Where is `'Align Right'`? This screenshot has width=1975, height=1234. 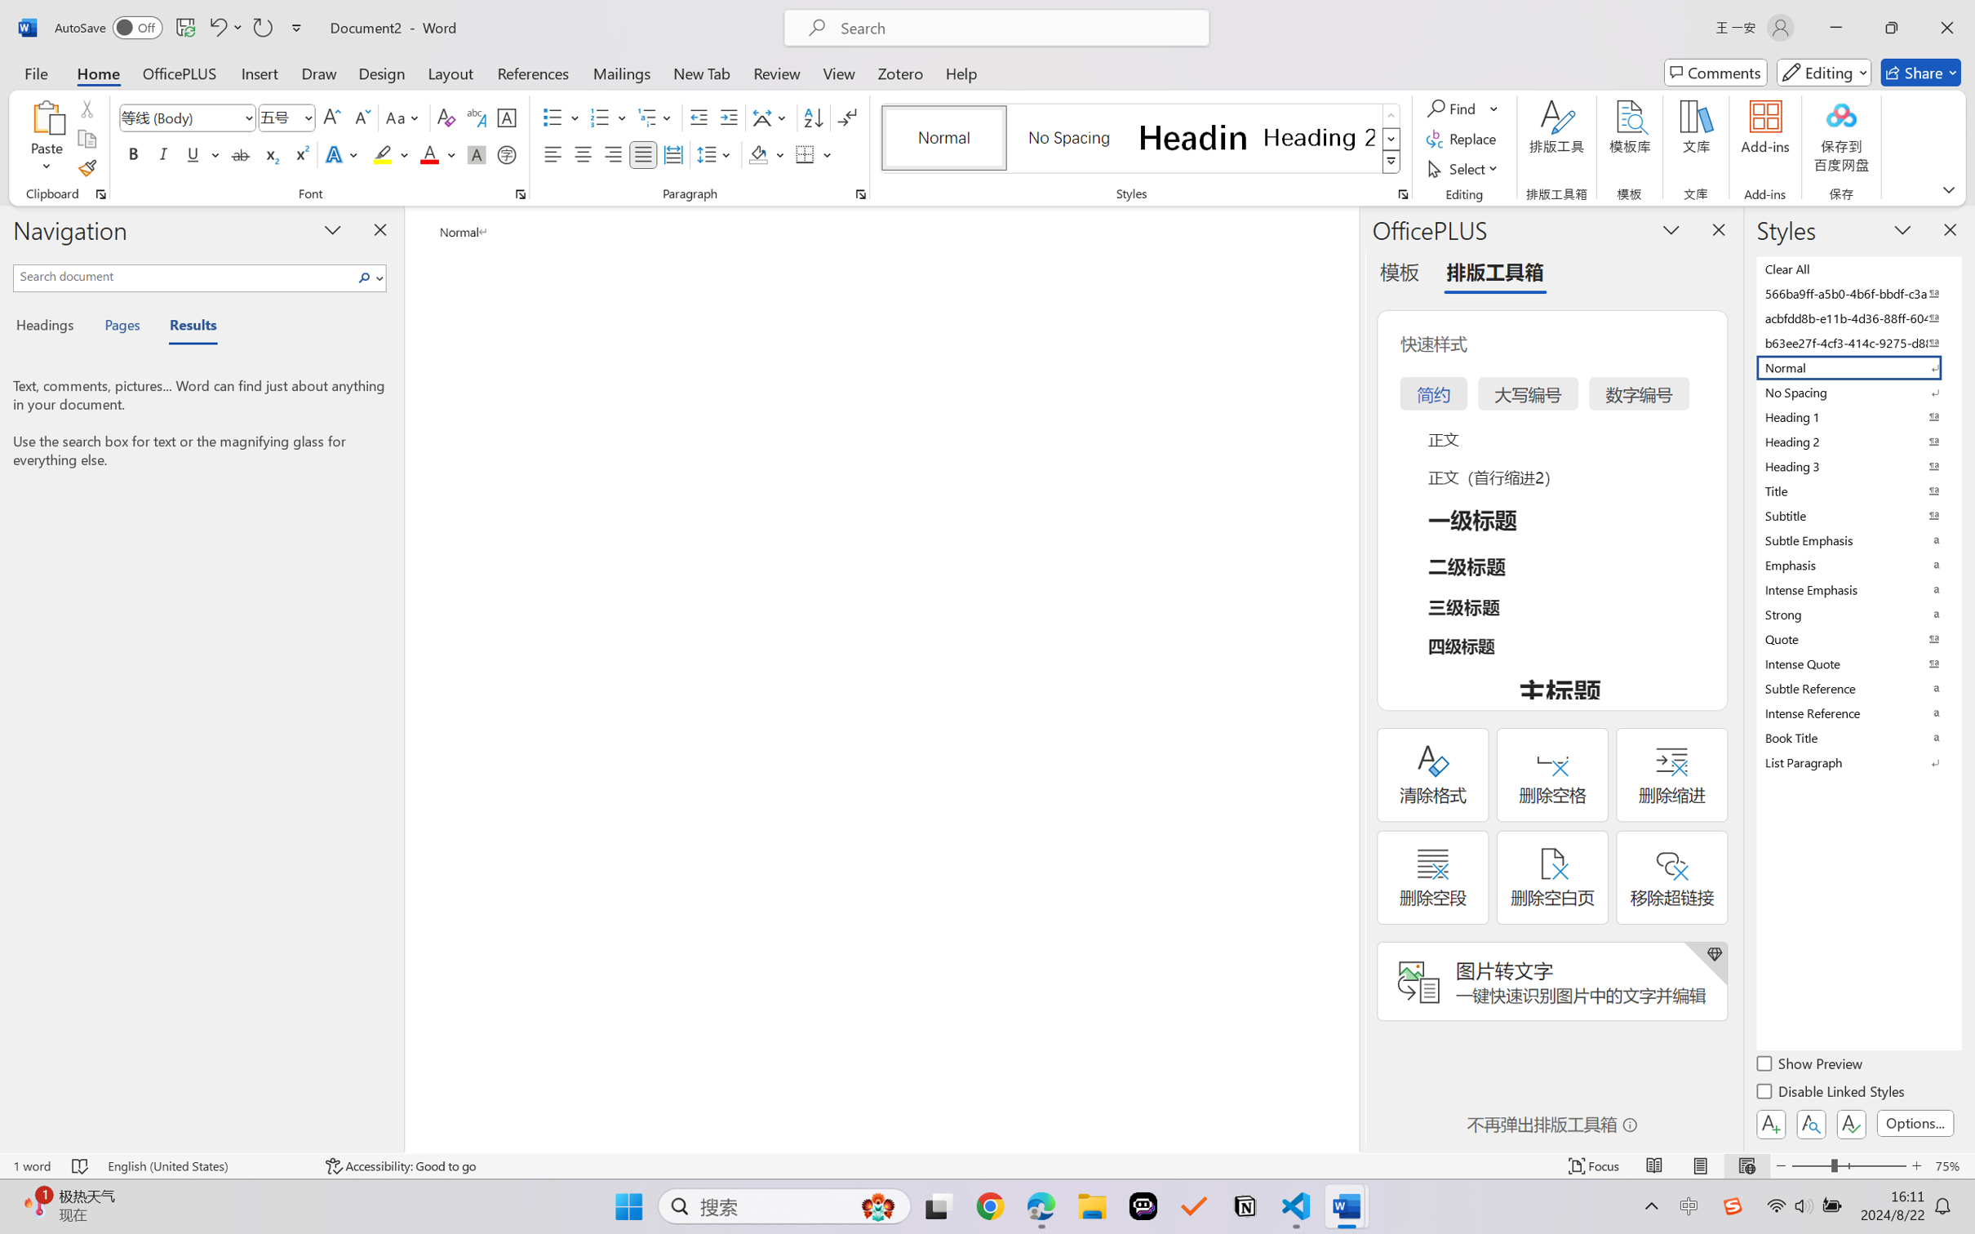 'Align Right' is located at coordinates (614, 153).